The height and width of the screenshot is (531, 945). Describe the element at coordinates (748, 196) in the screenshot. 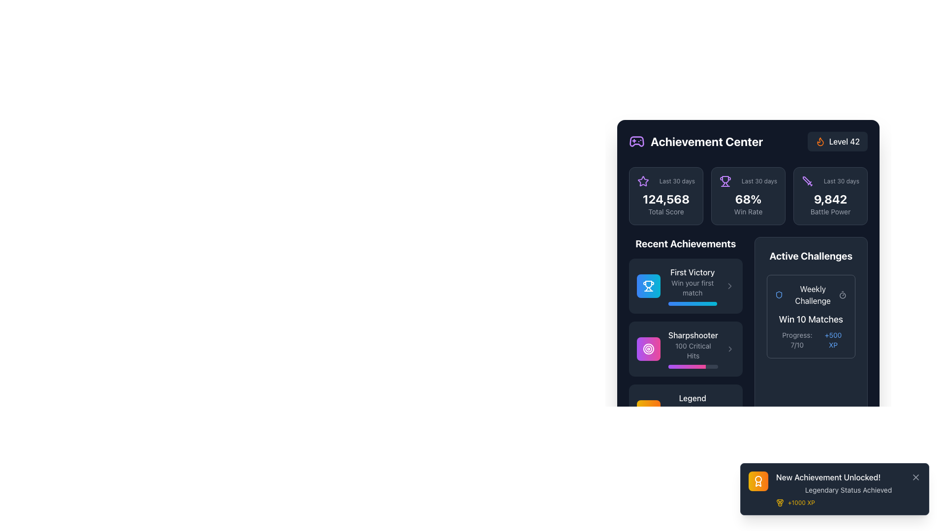

I see `the Informational card that displays the user's win rate for the last 30 days, positioned between the Total Score and Battle Power cards in the metric summary section` at that location.